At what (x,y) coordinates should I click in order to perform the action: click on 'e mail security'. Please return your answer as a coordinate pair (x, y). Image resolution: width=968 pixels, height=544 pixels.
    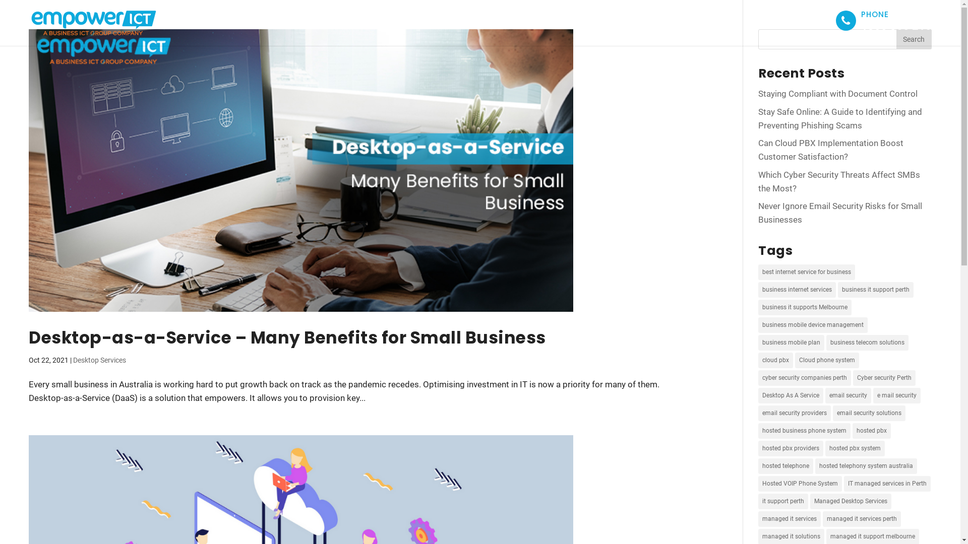
    Looking at the image, I should click on (897, 395).